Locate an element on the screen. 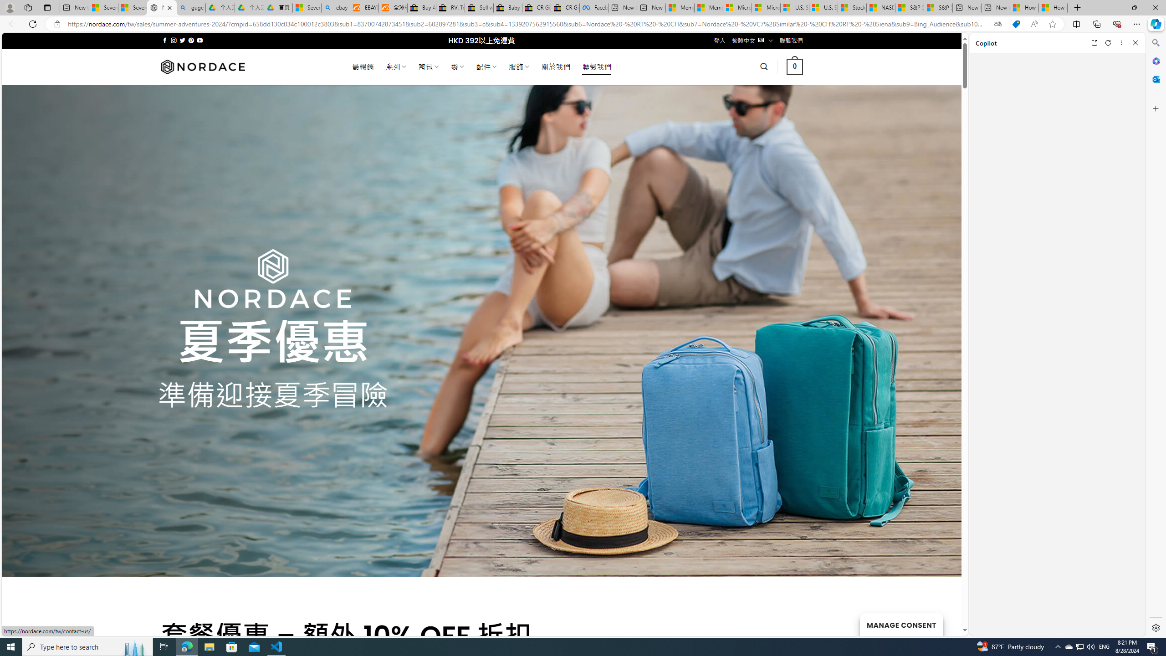 This screenshot has width=1166, height=656. 'guge yunpan - Search' is located at coordinates (191, 7).